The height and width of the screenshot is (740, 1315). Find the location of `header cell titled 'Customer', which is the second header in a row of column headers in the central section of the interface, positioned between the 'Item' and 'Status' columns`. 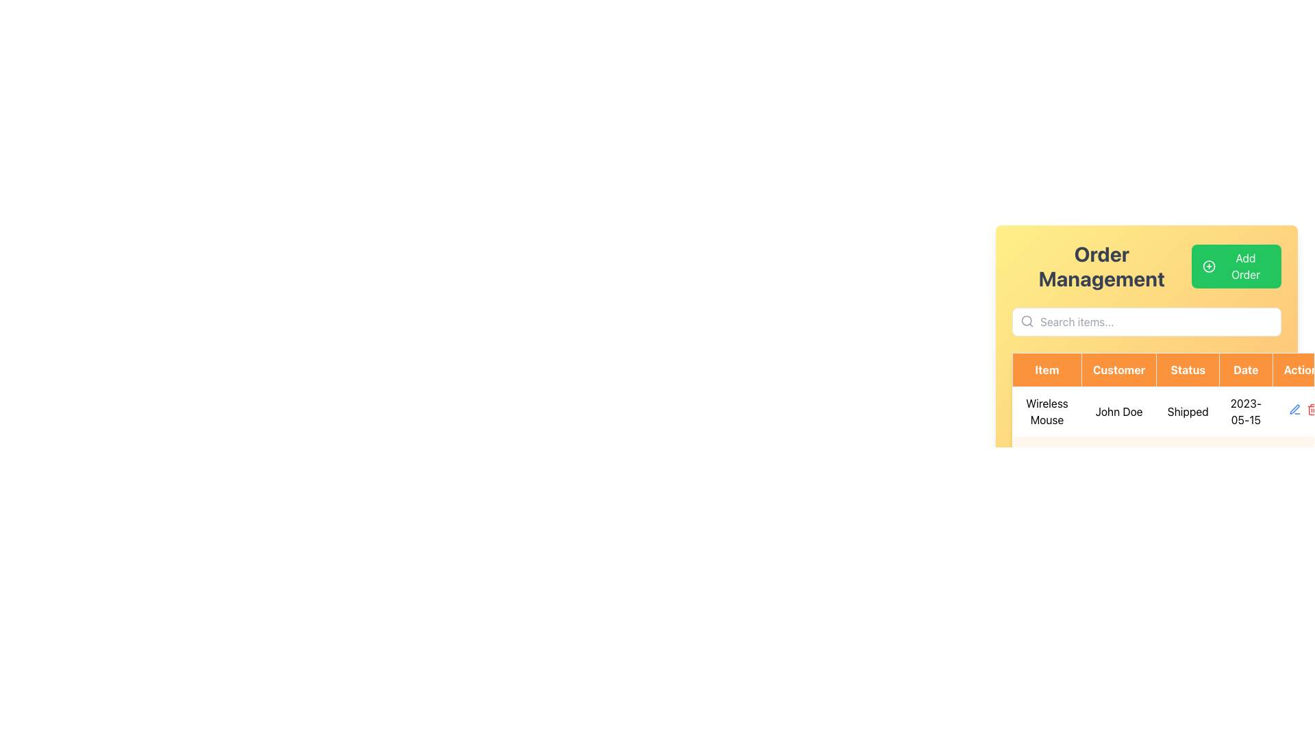

header cell titled 'Customer', which is the second header in a row of column headers in the central section of the interface, positioned between the 'Item' and 'Status' columns is located at coordinates (1119, 370).